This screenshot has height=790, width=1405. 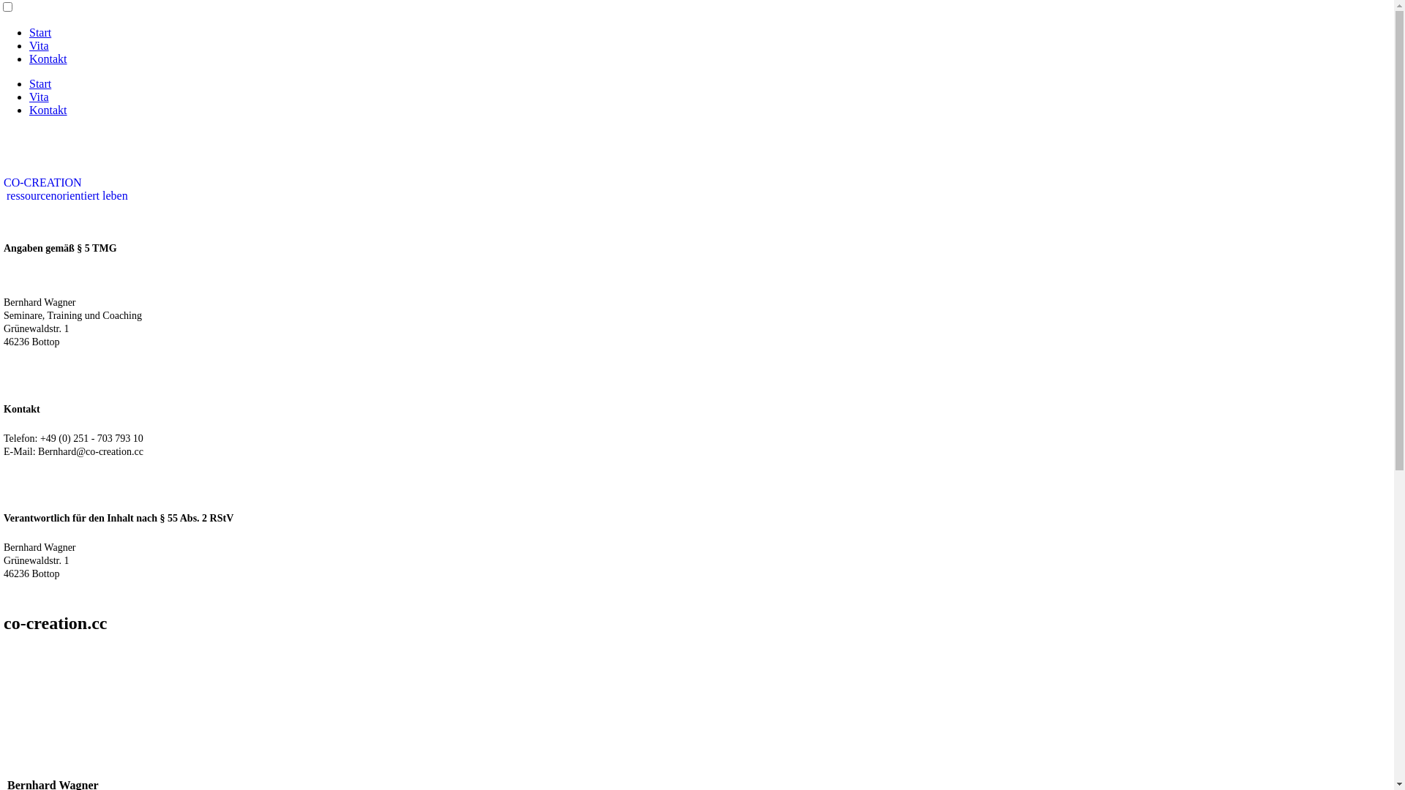 I want to click on 'Vita', so click(x=29, y=97).